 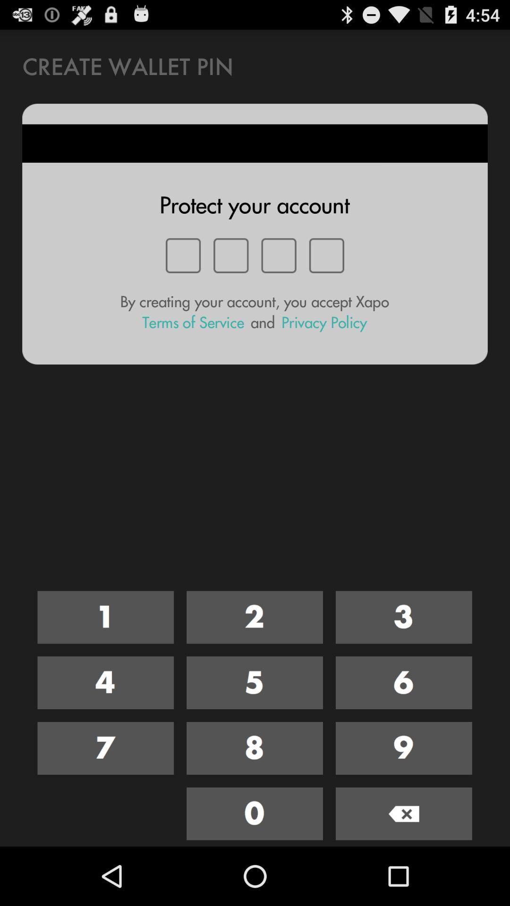 What do you see at coordinates (404, 813) in the screenshot?
I see `delete password` at bounding box center [404, 813].